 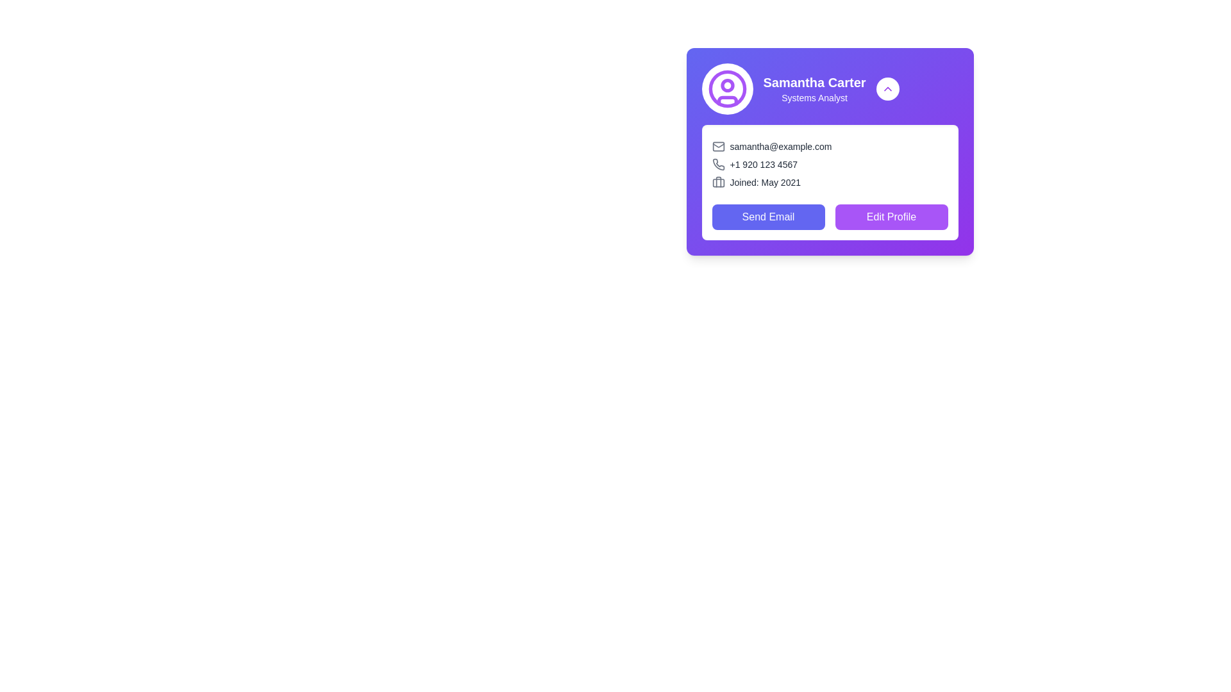 I want to click on the text label indicating the role or position of the profile's owner, located below 'Samantha Carter' and to the right of the user icon, so click(x=814, y=97).